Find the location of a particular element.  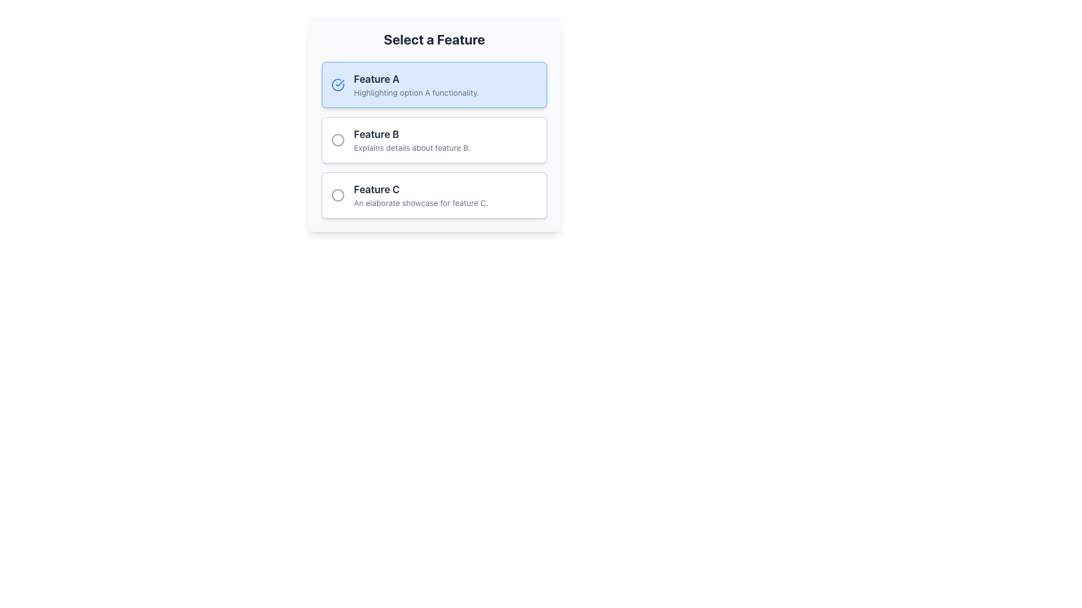

the selectable list item representing 'Feature A', which is the first option in the vertically stacked list of features is located at coordinates (416, 84).